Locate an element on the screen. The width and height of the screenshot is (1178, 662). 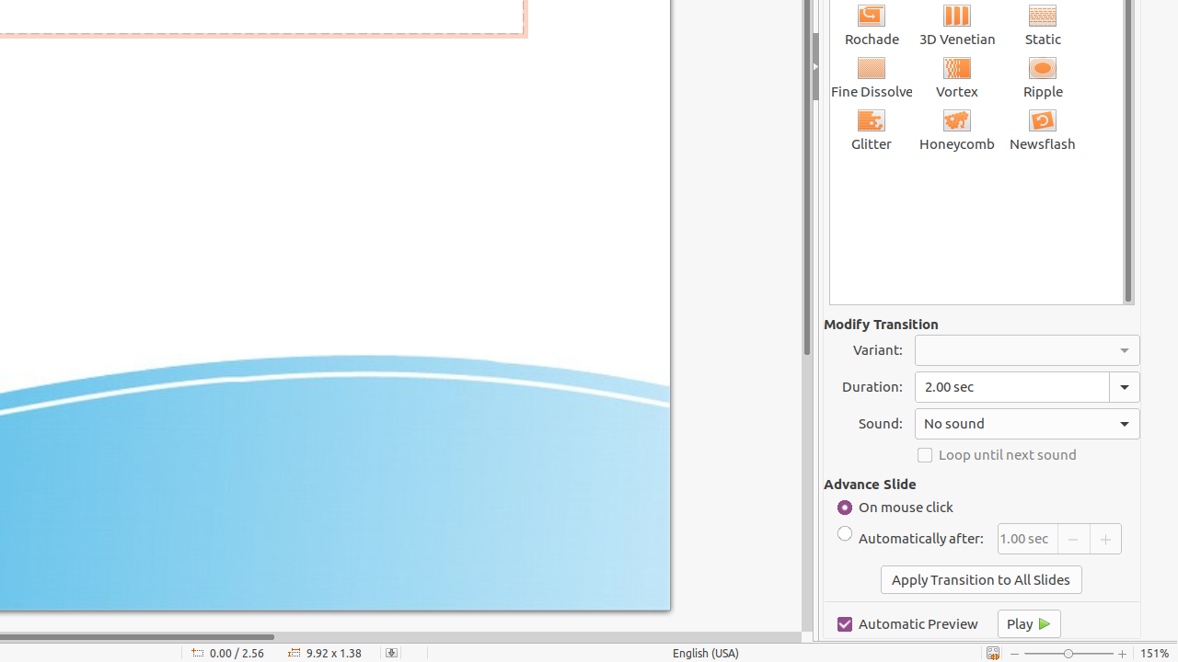
'Vortex' is located at coordinates (957, 75).